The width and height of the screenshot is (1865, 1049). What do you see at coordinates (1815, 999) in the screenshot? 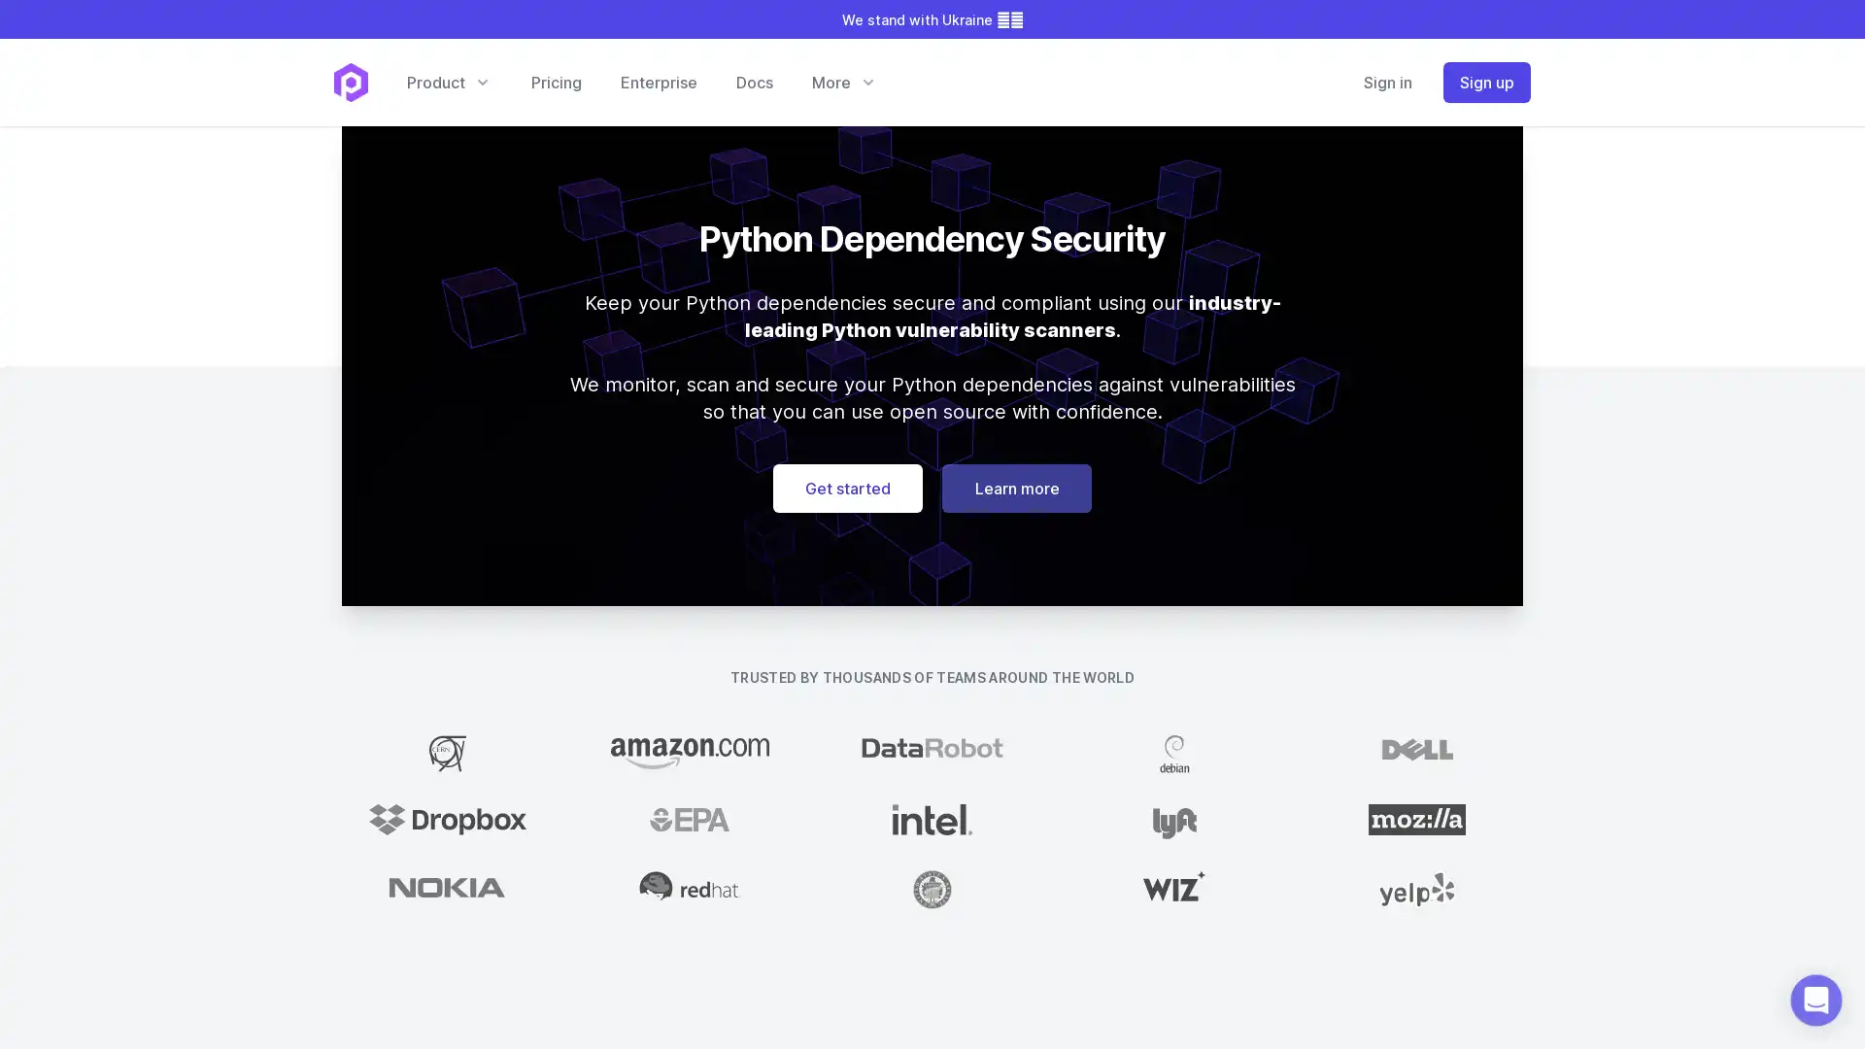
I see `Open Intercom Messenger` at bounding box center [1815, 999].